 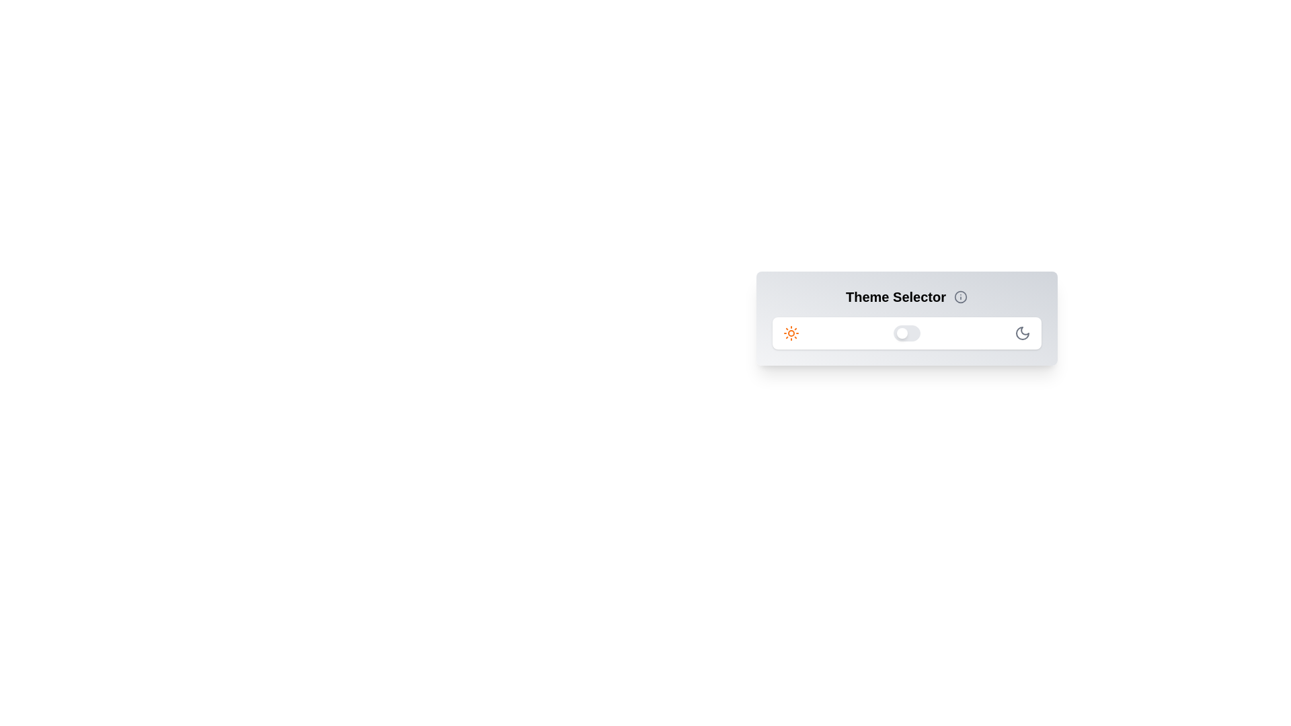 I want to click on the moon icon to trigger its interaction, so click(x=1022, y=333).